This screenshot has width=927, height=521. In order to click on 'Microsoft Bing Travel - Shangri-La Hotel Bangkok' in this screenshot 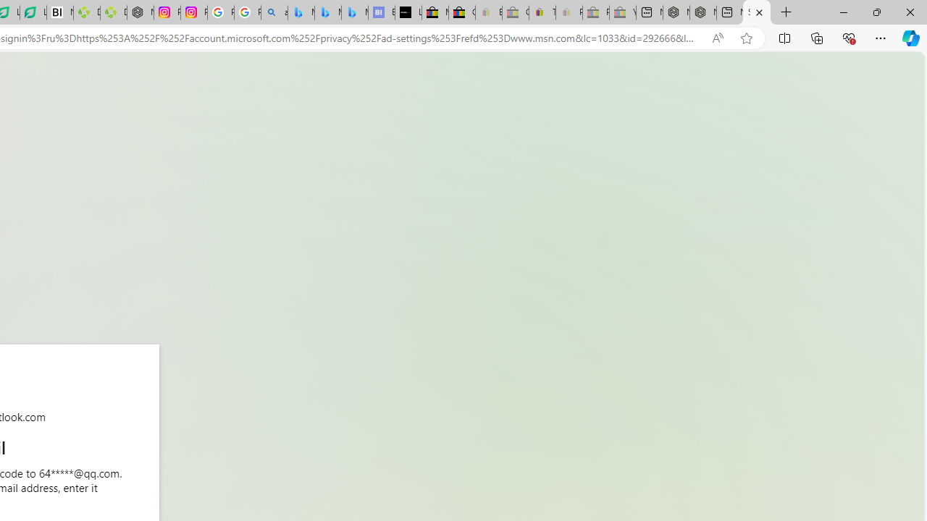, I will do `click(355, 12)`.